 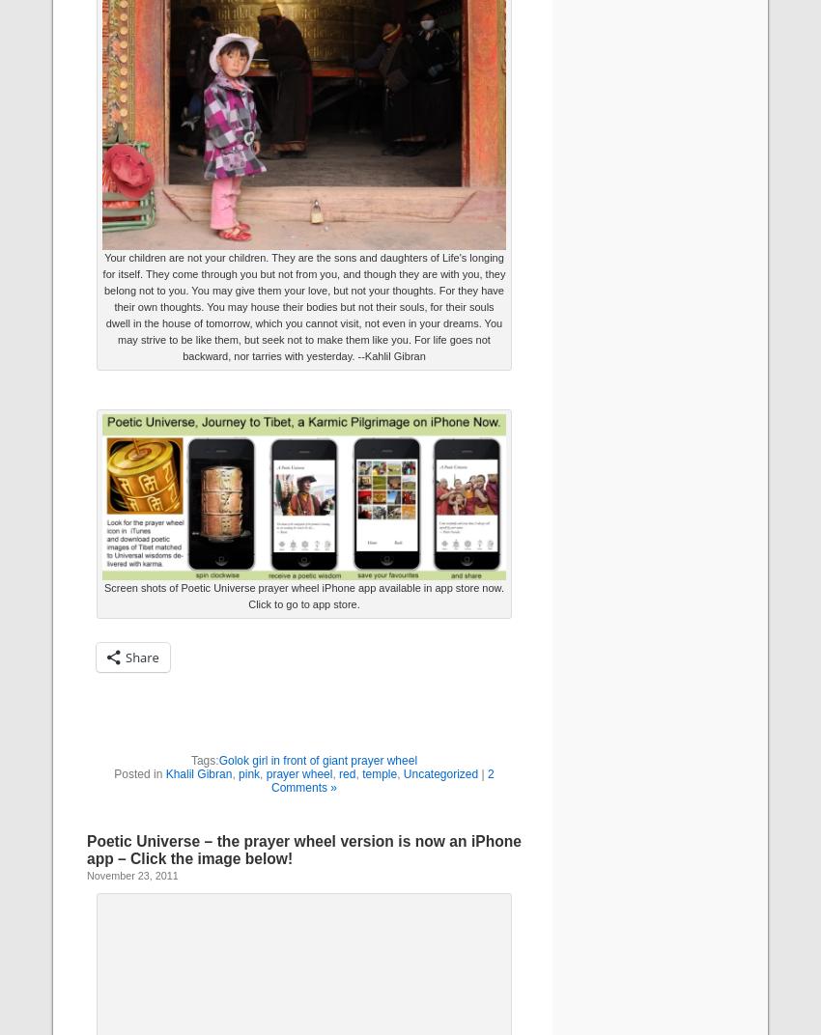 I want to click on 'temple', so click(x=380, y=772).